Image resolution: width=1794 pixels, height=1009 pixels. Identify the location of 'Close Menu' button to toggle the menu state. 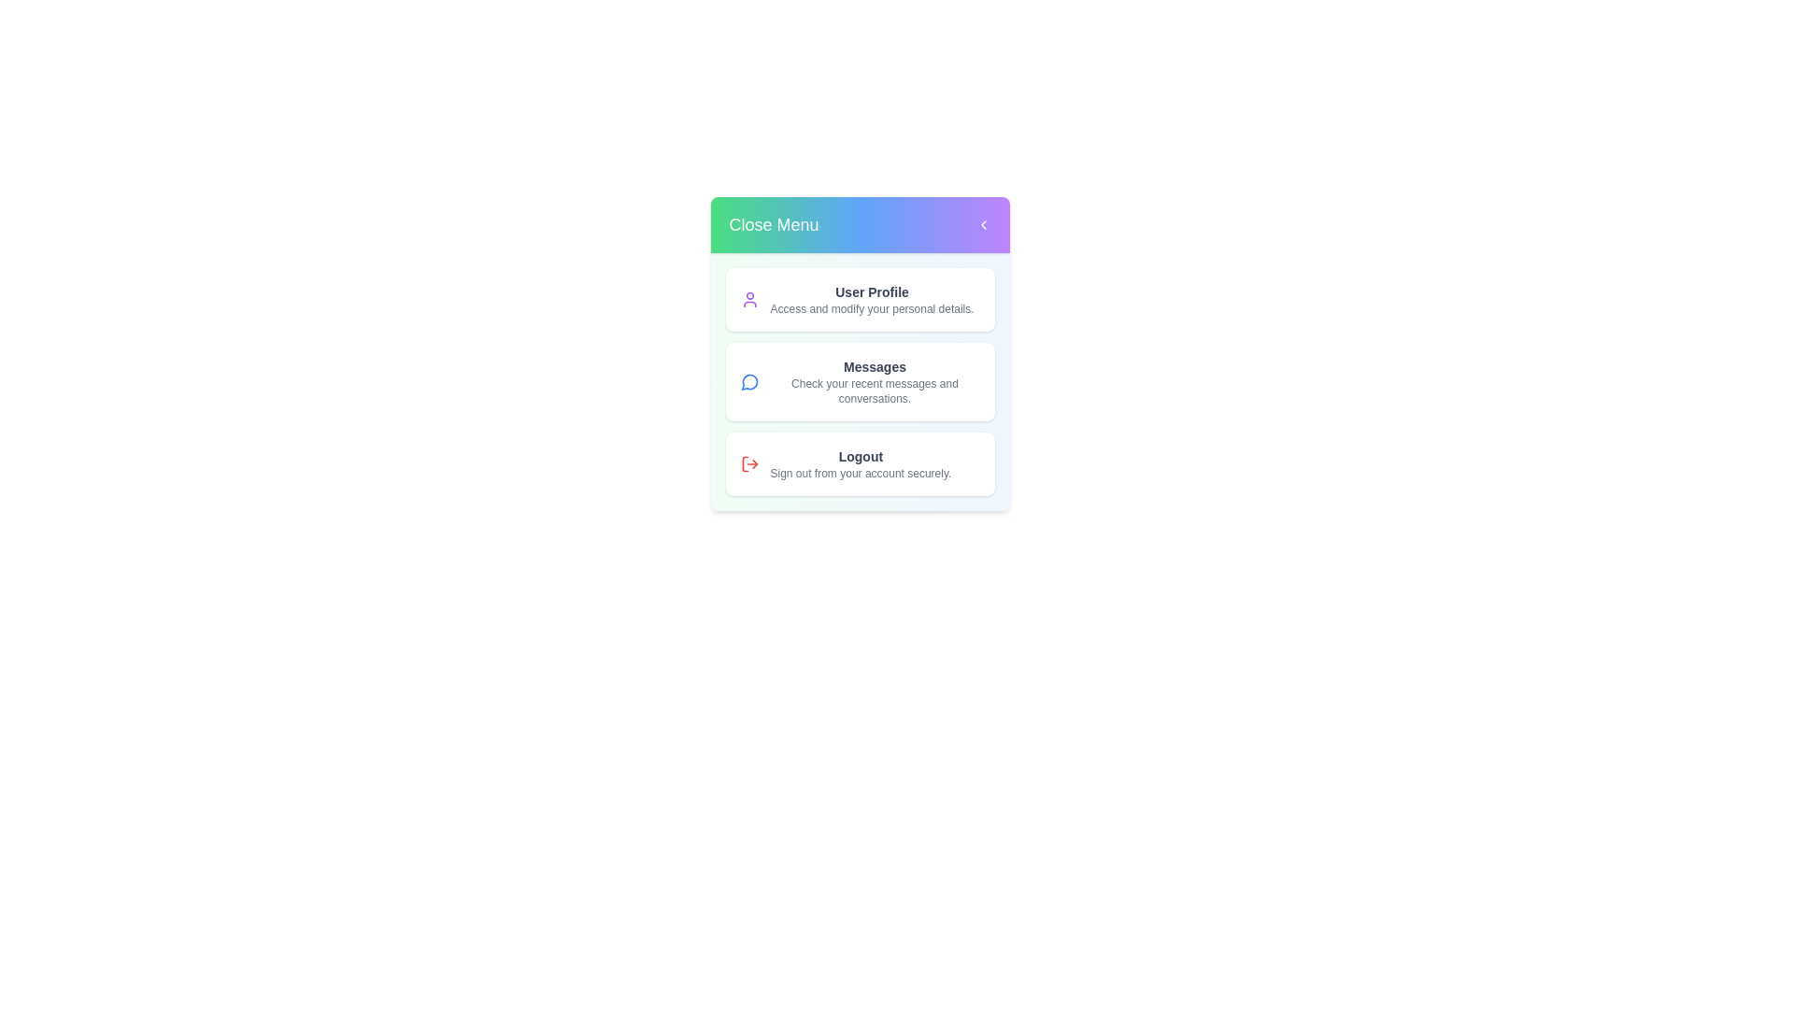
(859, 223).